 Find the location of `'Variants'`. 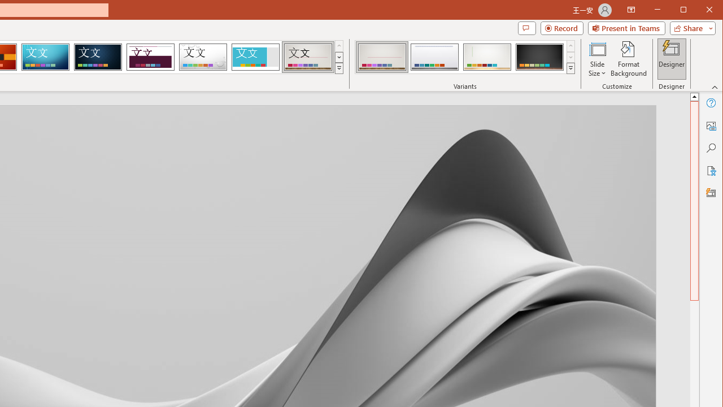

'Variants' is located at coordinates (570, 68).